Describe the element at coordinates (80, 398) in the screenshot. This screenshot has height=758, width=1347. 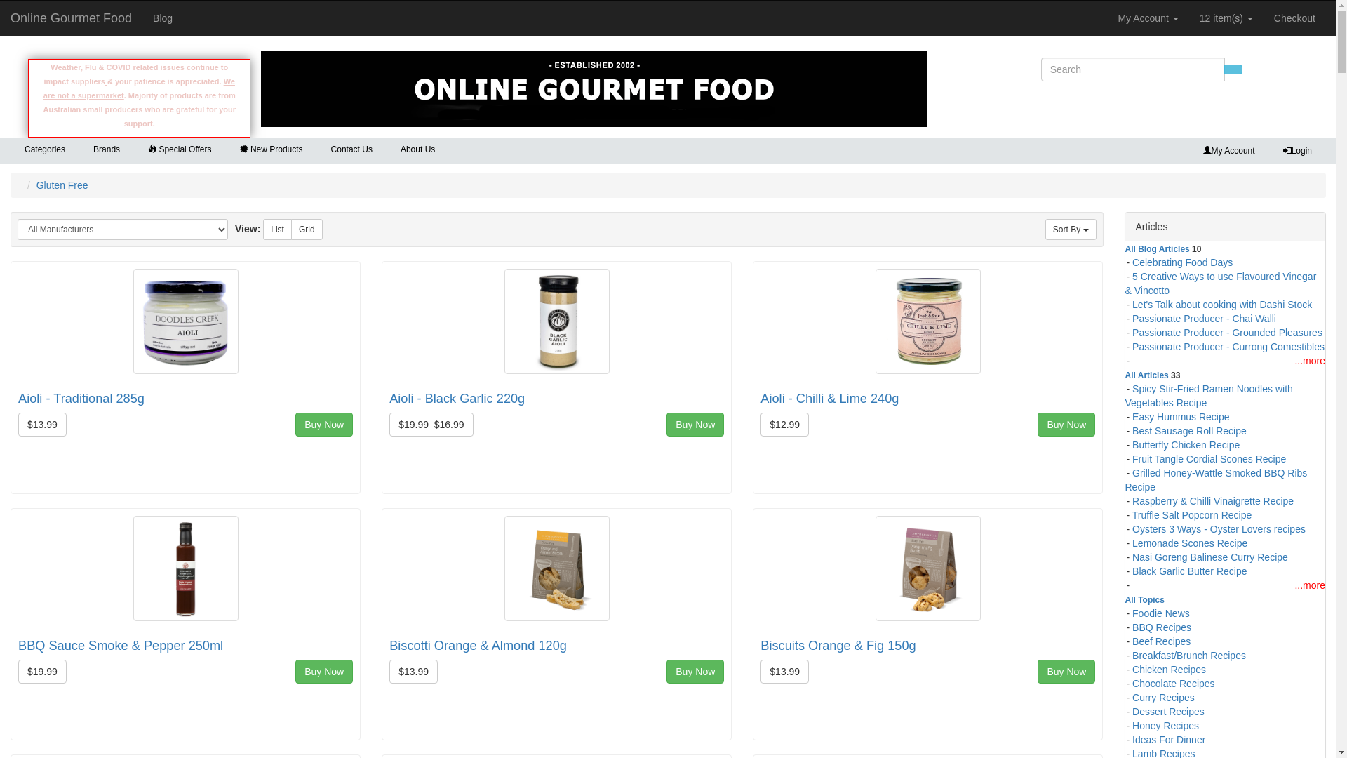
I see `'Aioli - Traditional 285g'` at that location.